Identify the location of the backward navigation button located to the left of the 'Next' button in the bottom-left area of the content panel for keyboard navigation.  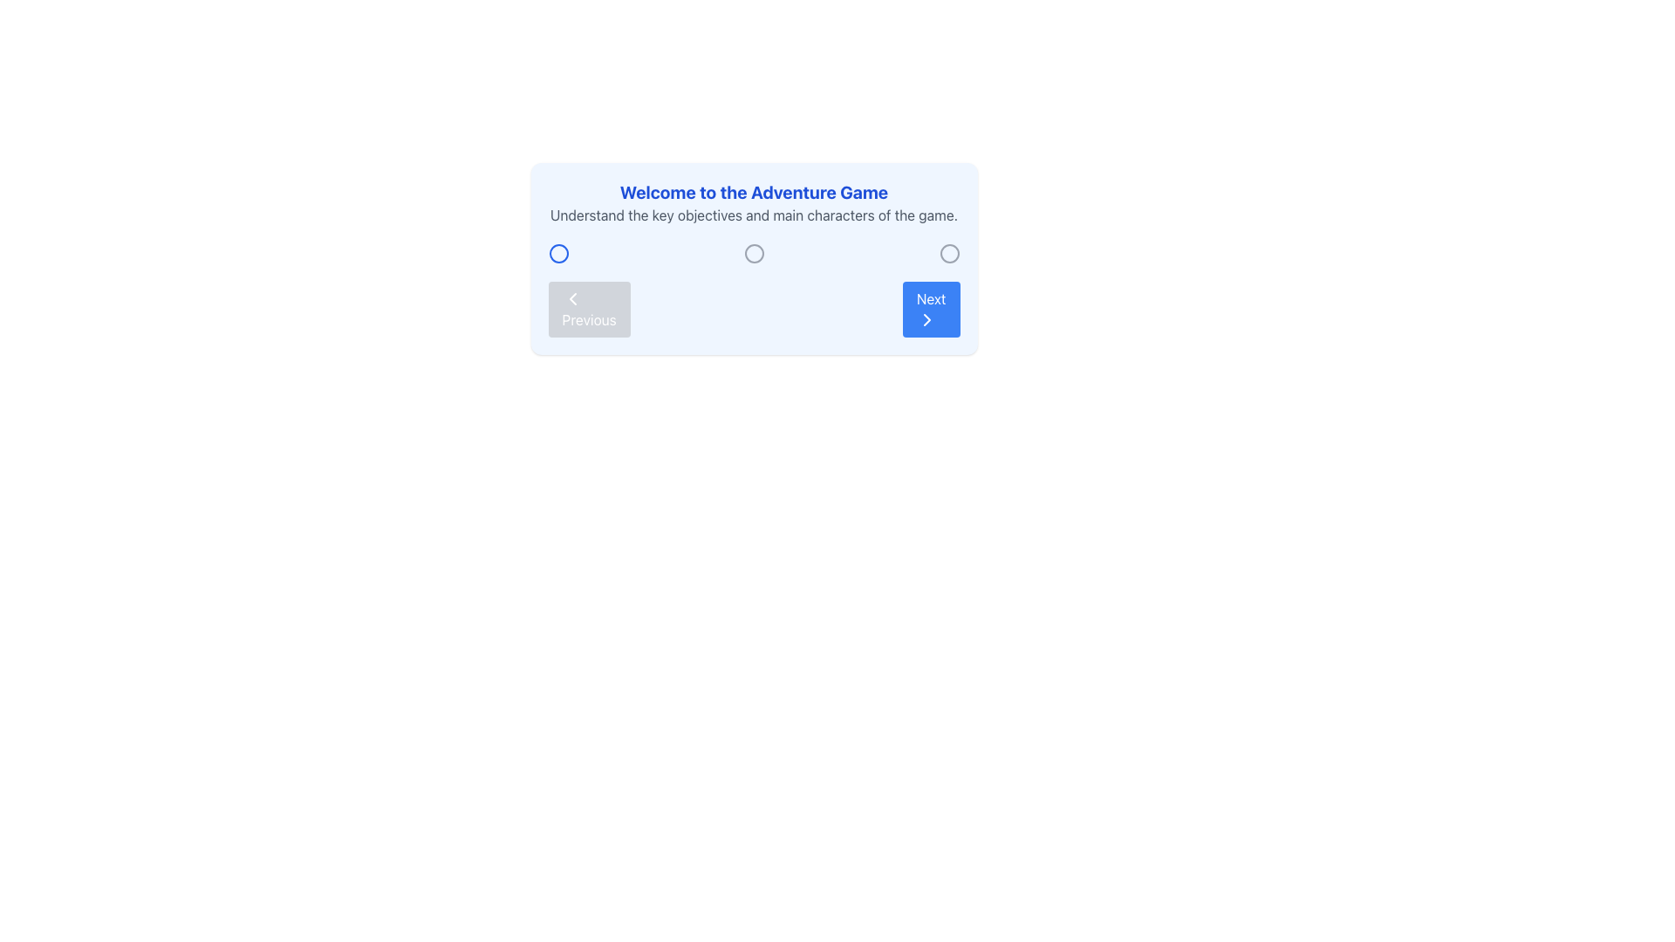
(589, 308).